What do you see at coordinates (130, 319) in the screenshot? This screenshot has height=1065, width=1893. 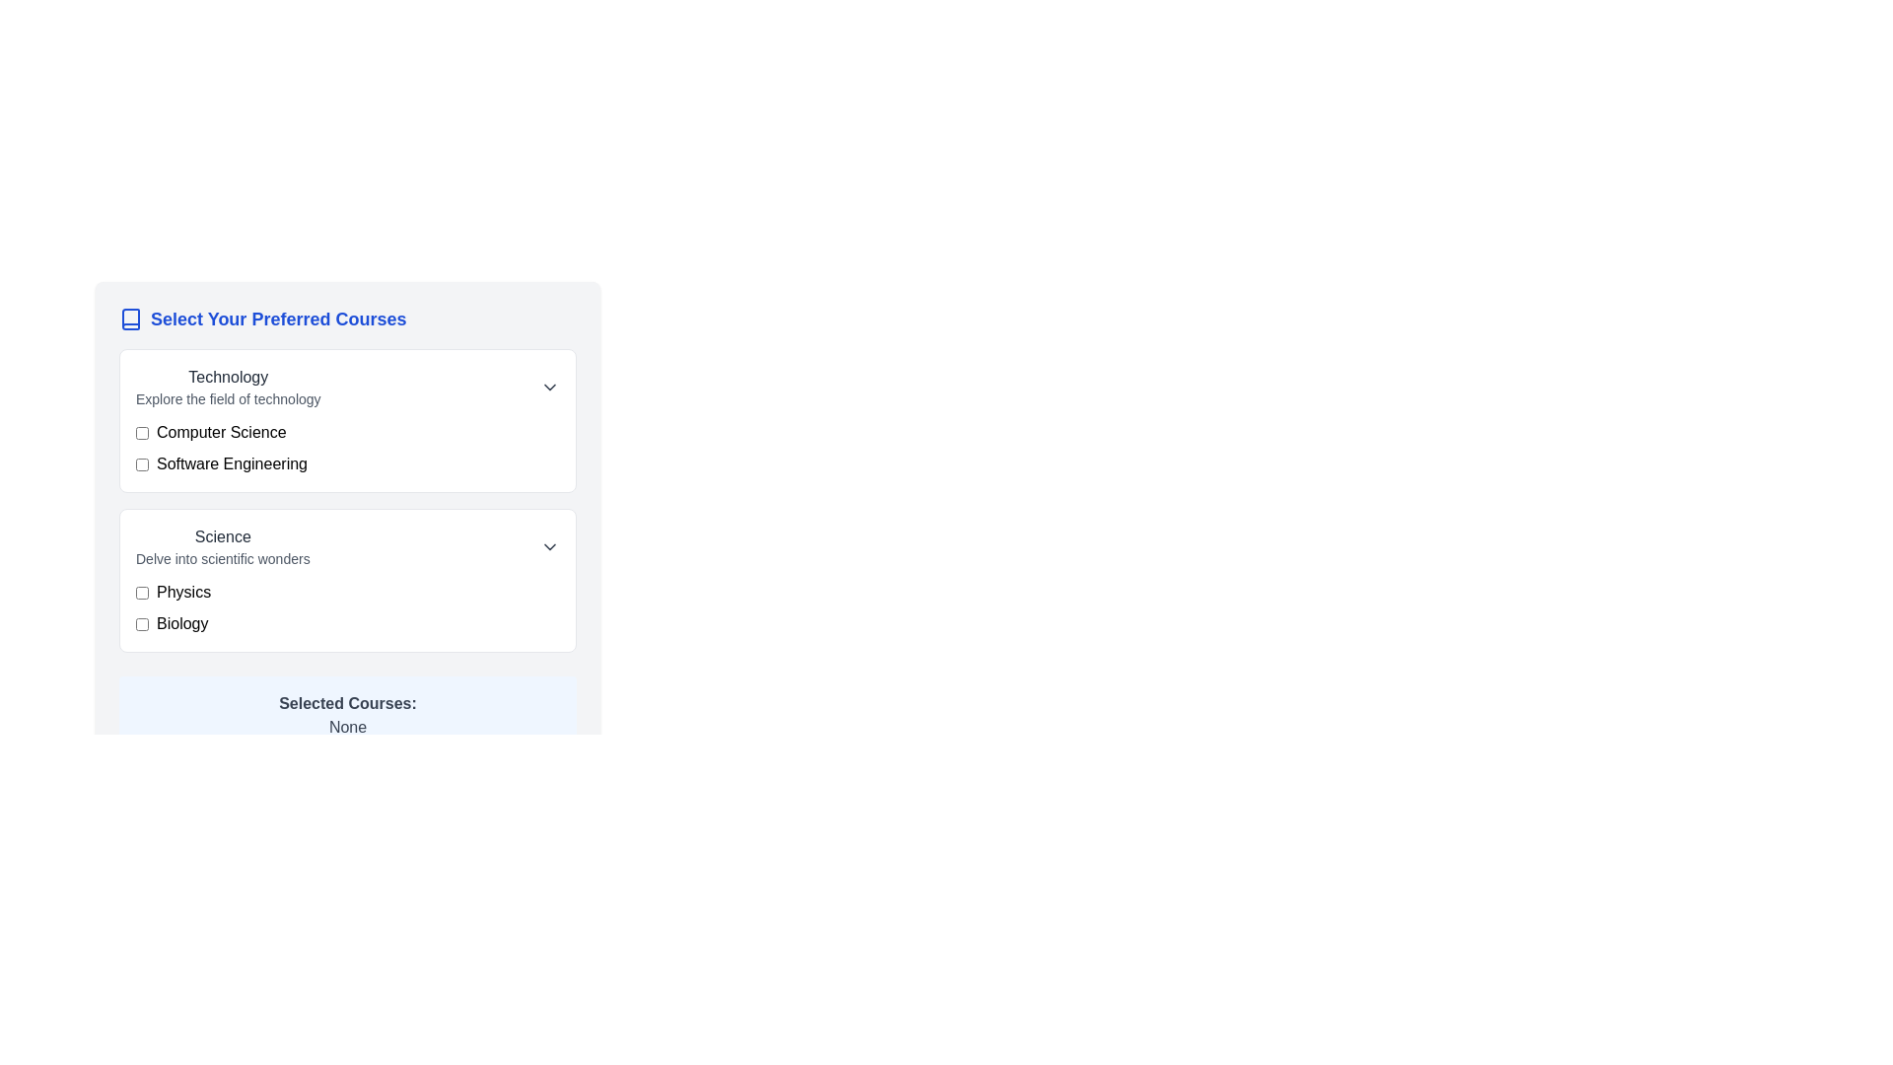 I see `the thin, outlined book-shaped icon located at the top-left corner of the form module, adjacent to the heading 'Select Your Preferred Courses'` at bounding box center [130, 319].